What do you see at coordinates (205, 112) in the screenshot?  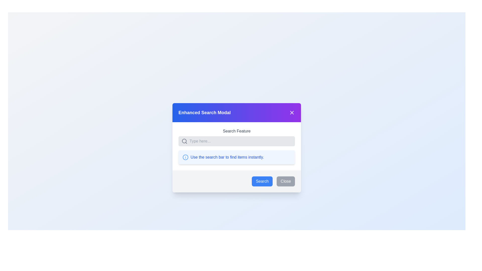 I see `the text label 'Enhanced Search Modal' which is styled in bold and positioned at the upper section of the modal window` at bounding box center [205, 112].